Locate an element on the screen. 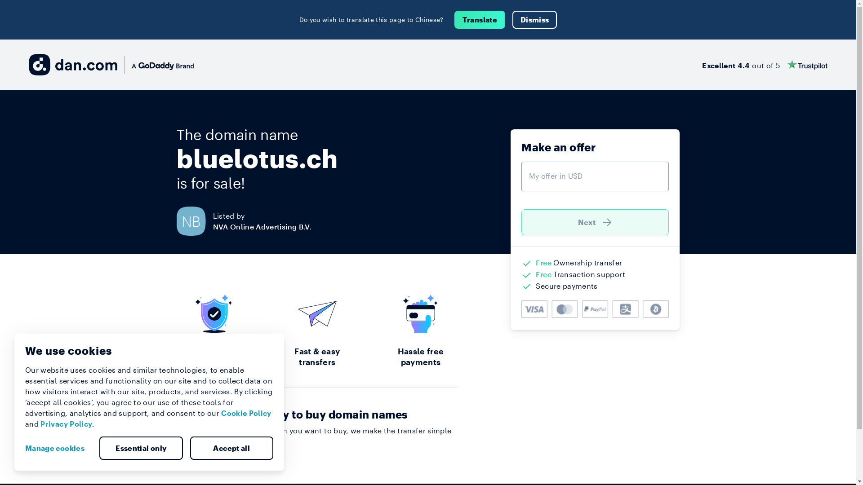 Image resolution: width=863 pixels, height=485 pixels. 'Accept all' is located at coordinates (189, 448).